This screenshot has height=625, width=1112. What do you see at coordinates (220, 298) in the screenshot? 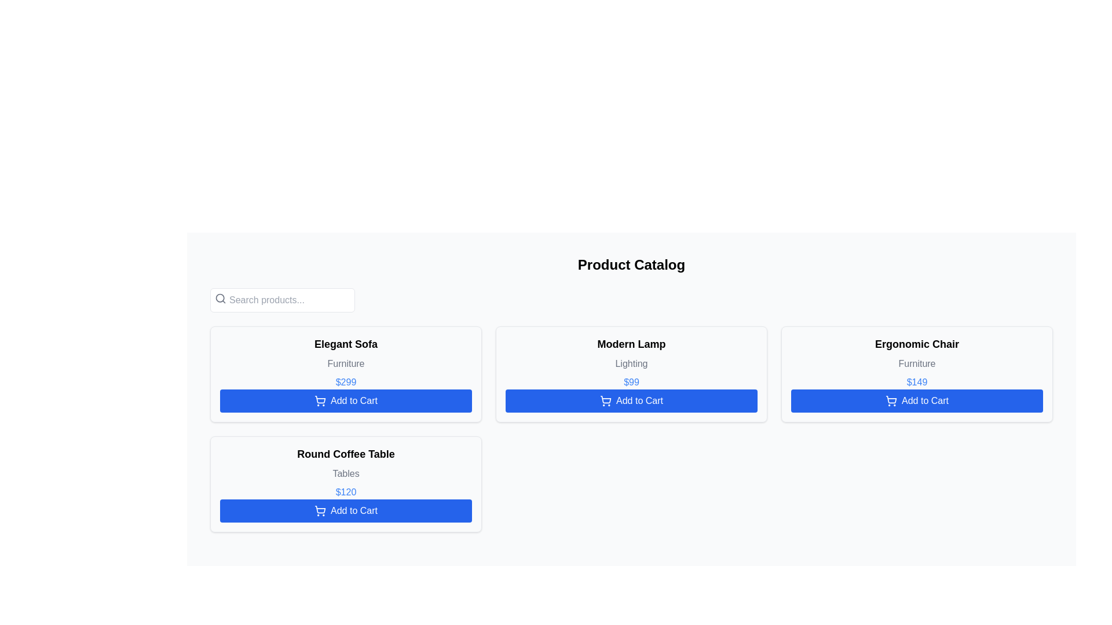
I see `the magnifying glass icon indicating search functionality, located on the left side of the search bar adjacent to the input field` at bounding box center [220, 298].